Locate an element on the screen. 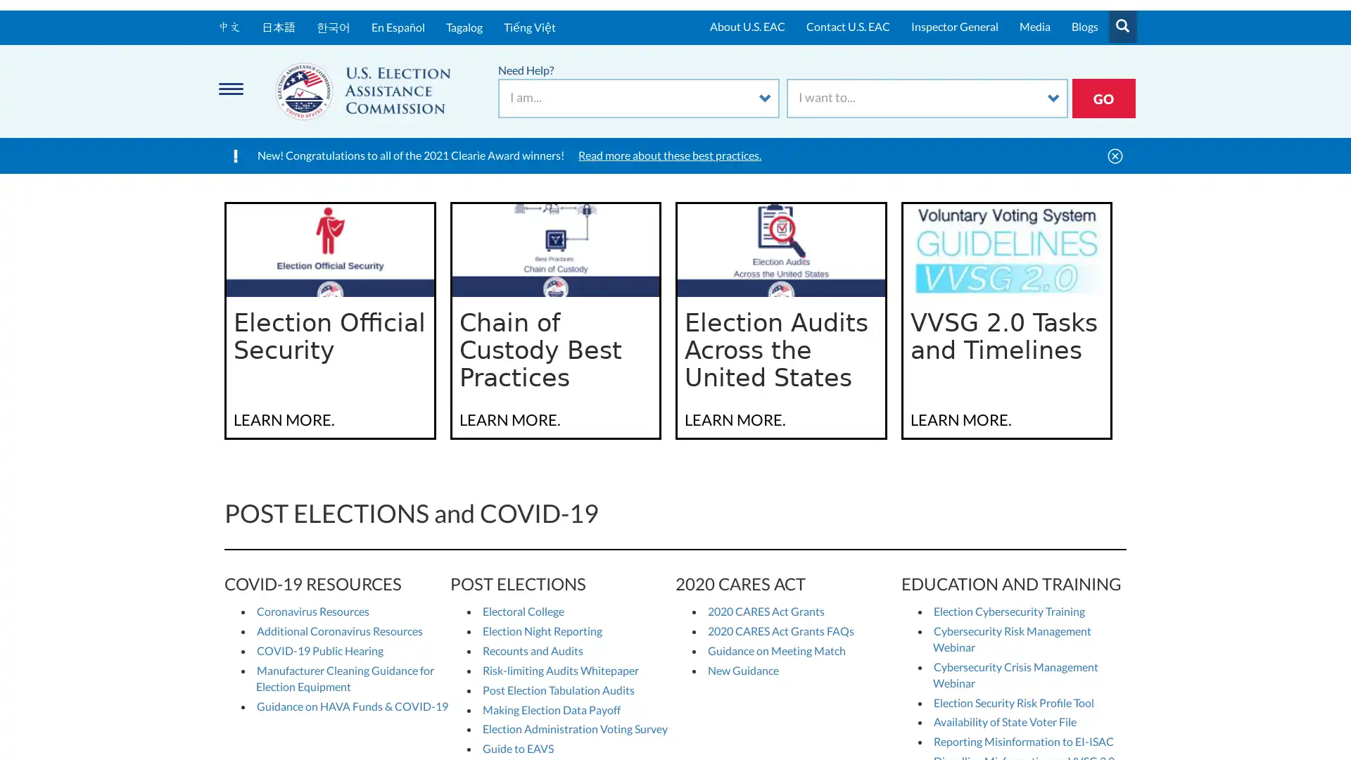 This screenshot has height=760, width=1351. Menu is located at coordinates (231, 89).